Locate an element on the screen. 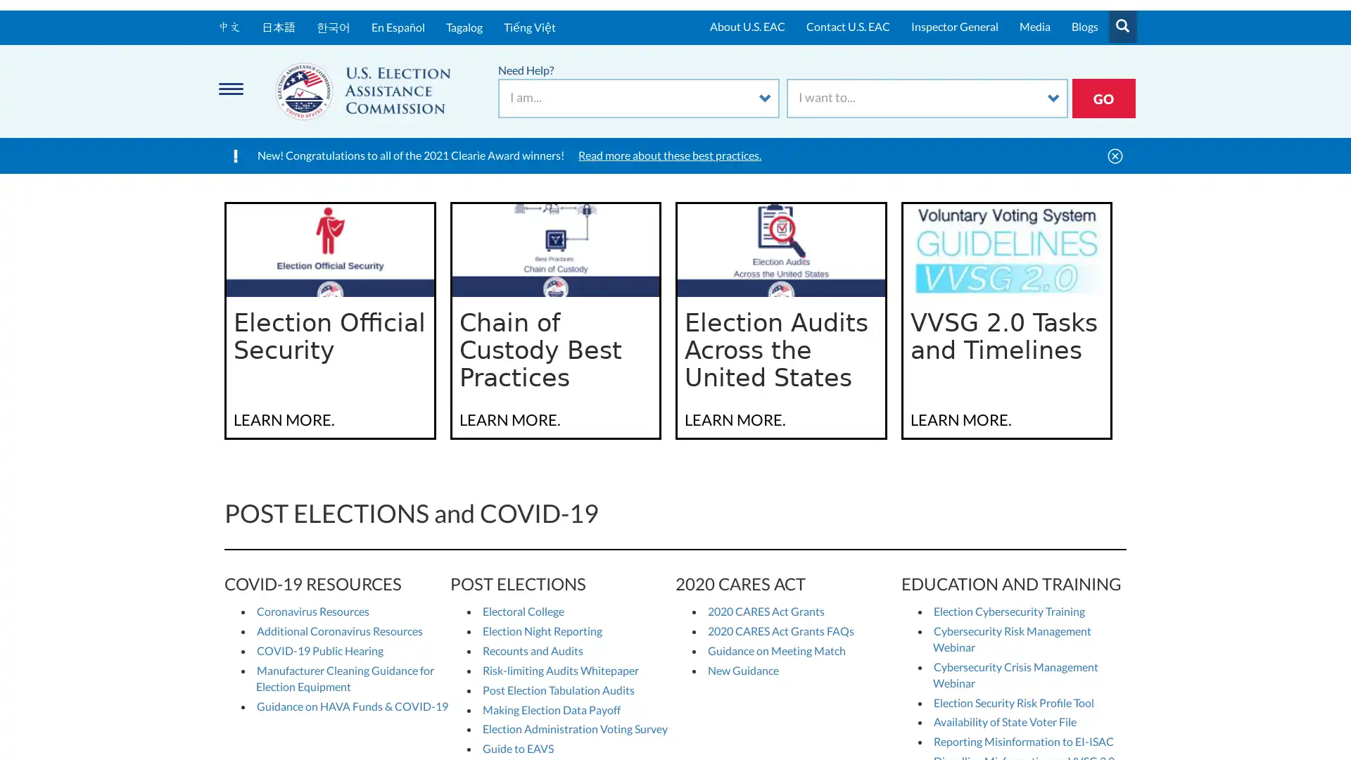 This screenshot has height=760, width=1351. Menu is located at coordinates (231, 89).